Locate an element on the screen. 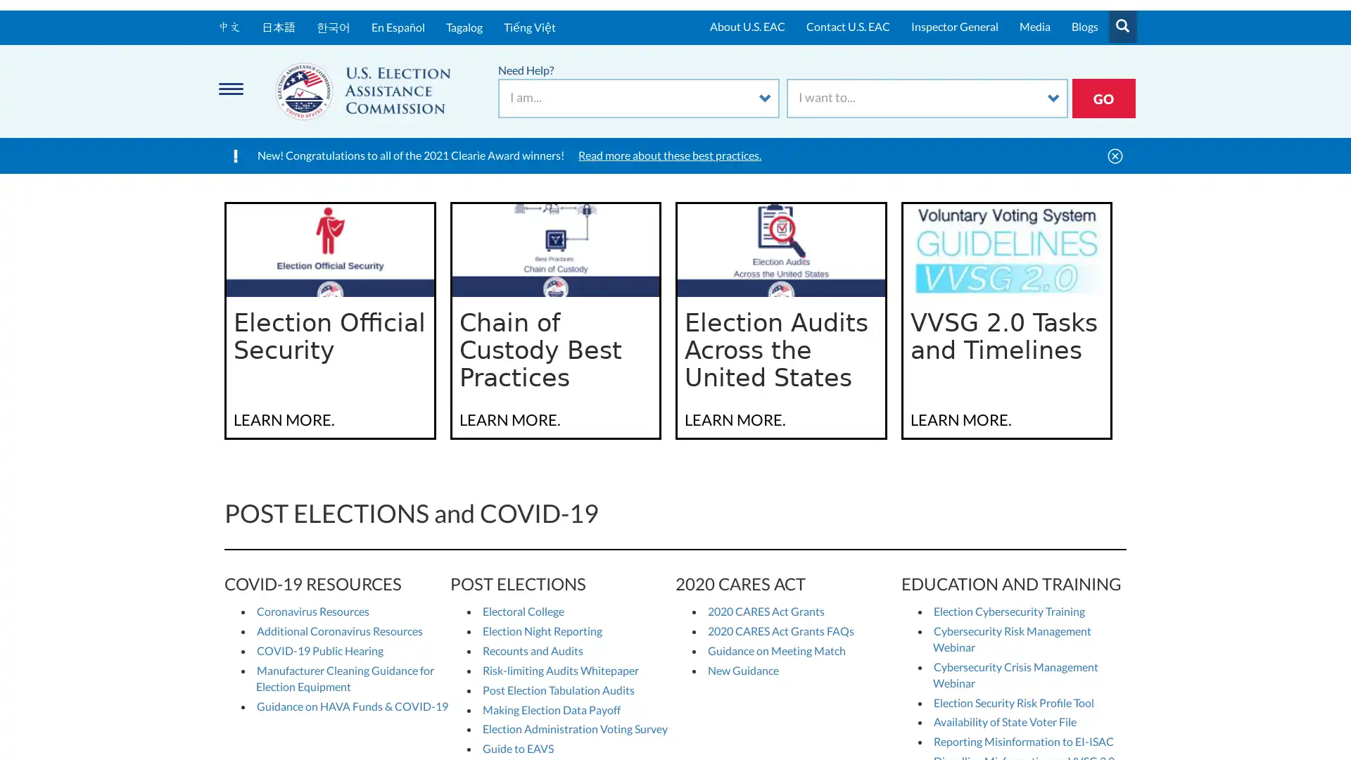 This screenshot has height=760, width=1351. Menu is located at coordinates (231, 89).